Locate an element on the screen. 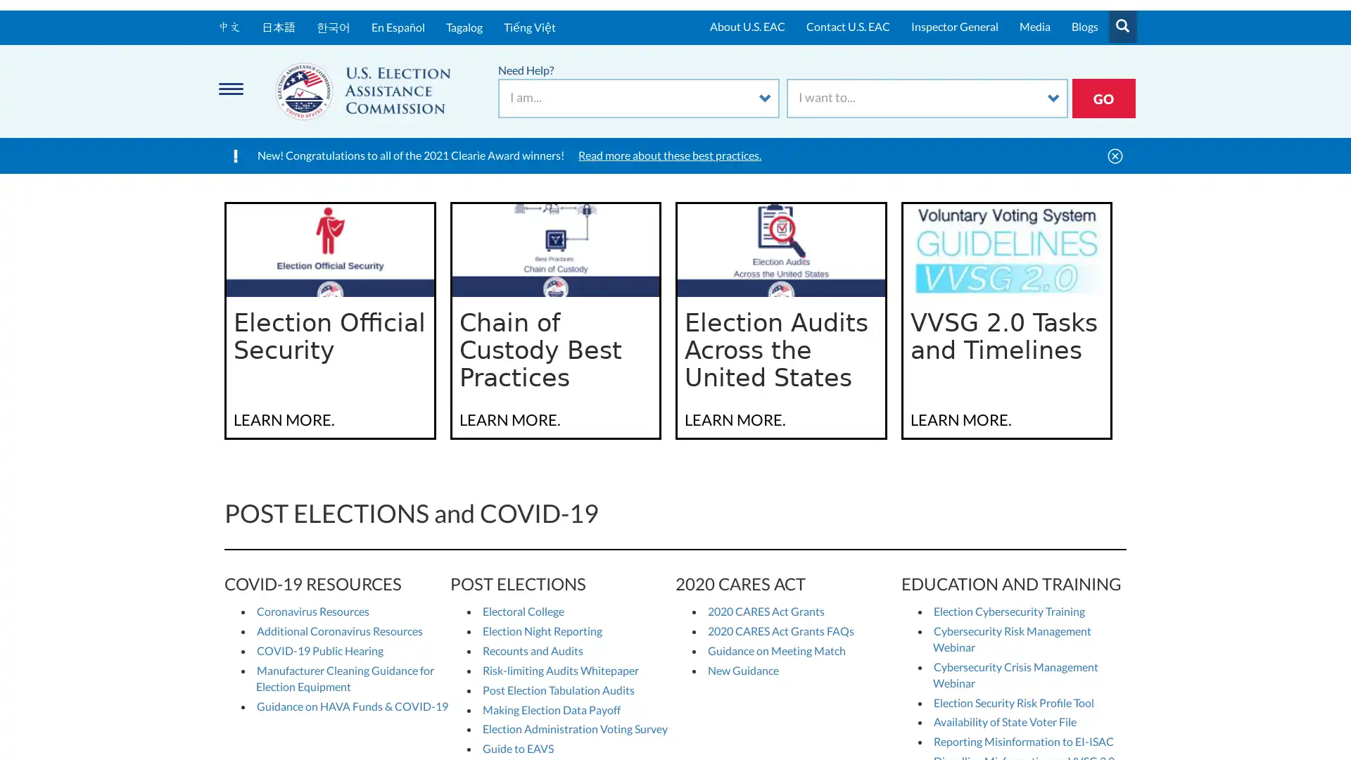 This screenshot has height=760, width=1351. Menu is located at coordinates (231, 89).